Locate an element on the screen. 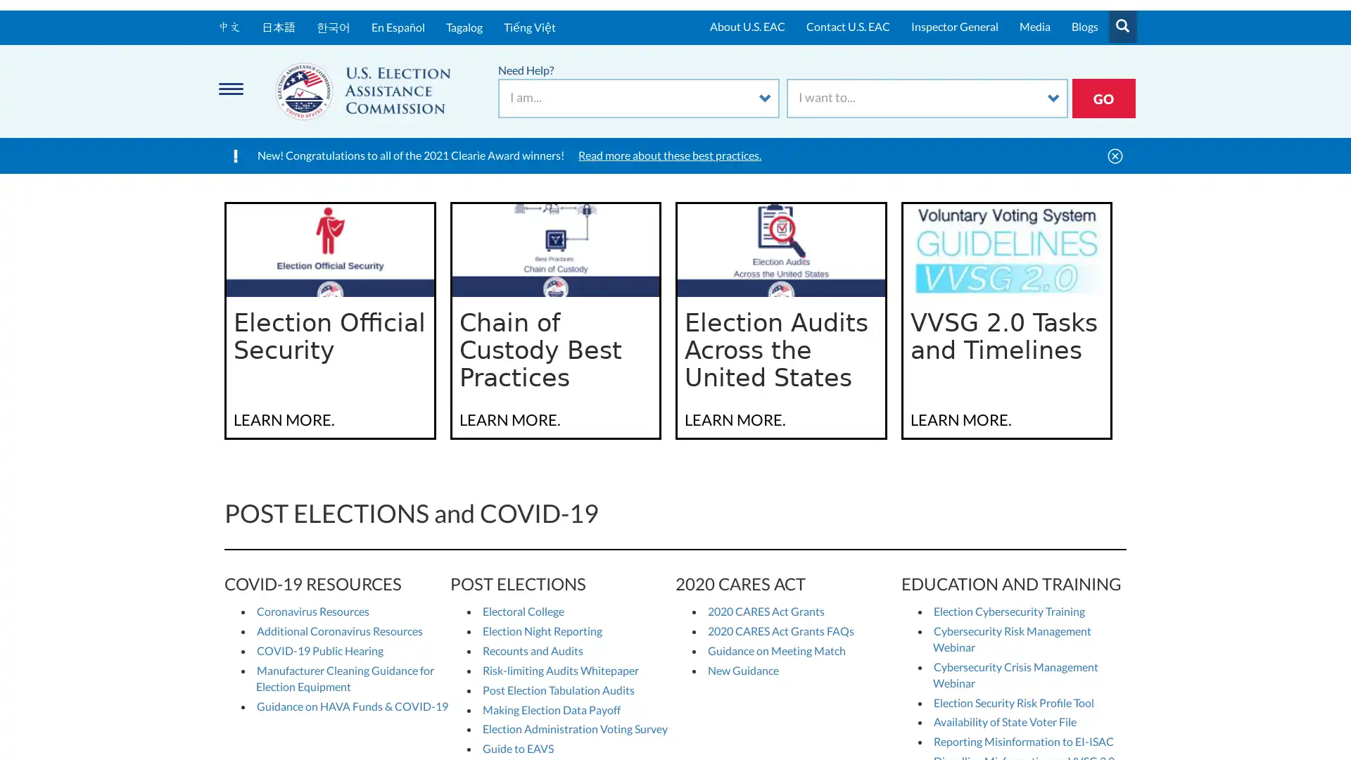 This screenshot has height=760, width=1351. Menu is located at coordinates (231, 89).